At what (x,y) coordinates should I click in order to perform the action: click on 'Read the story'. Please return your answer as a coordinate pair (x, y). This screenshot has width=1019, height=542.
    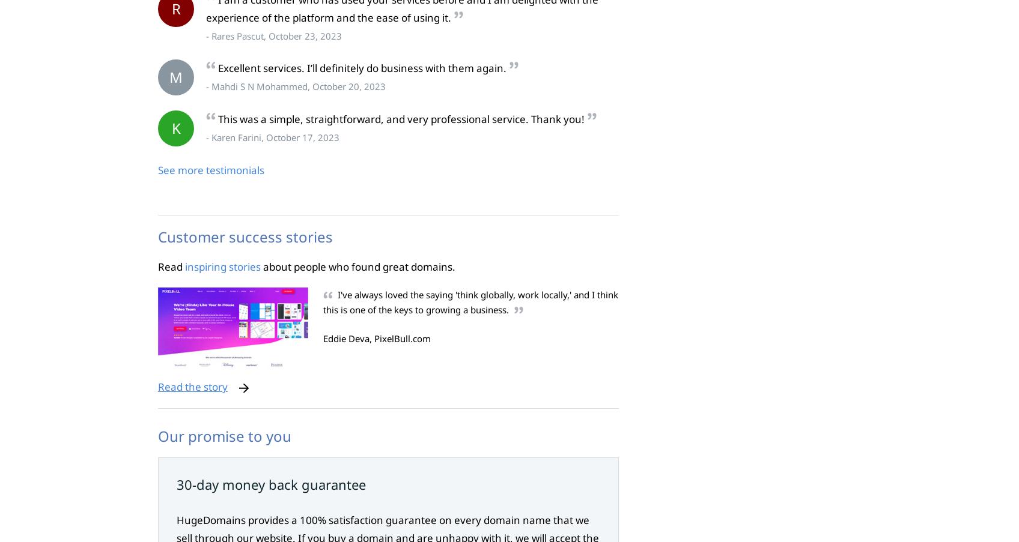
    Looking at the image, I should click on (193, 387).